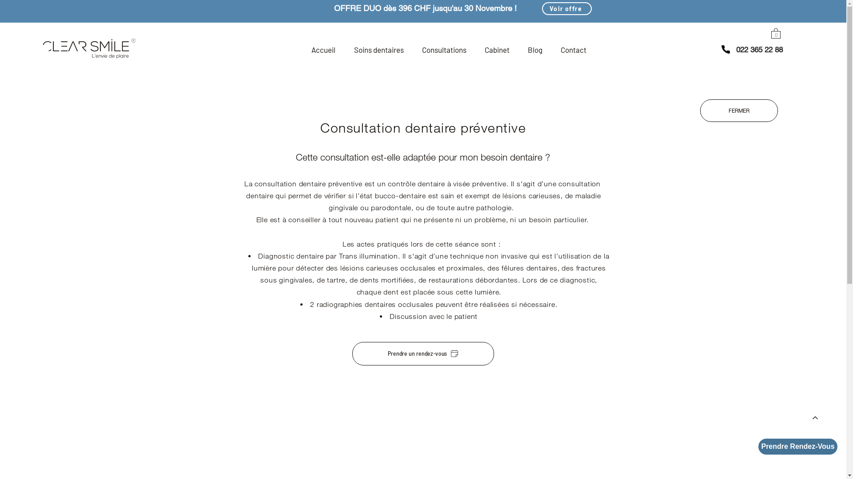  I want to click on 'FERMER', so click(739, 110).